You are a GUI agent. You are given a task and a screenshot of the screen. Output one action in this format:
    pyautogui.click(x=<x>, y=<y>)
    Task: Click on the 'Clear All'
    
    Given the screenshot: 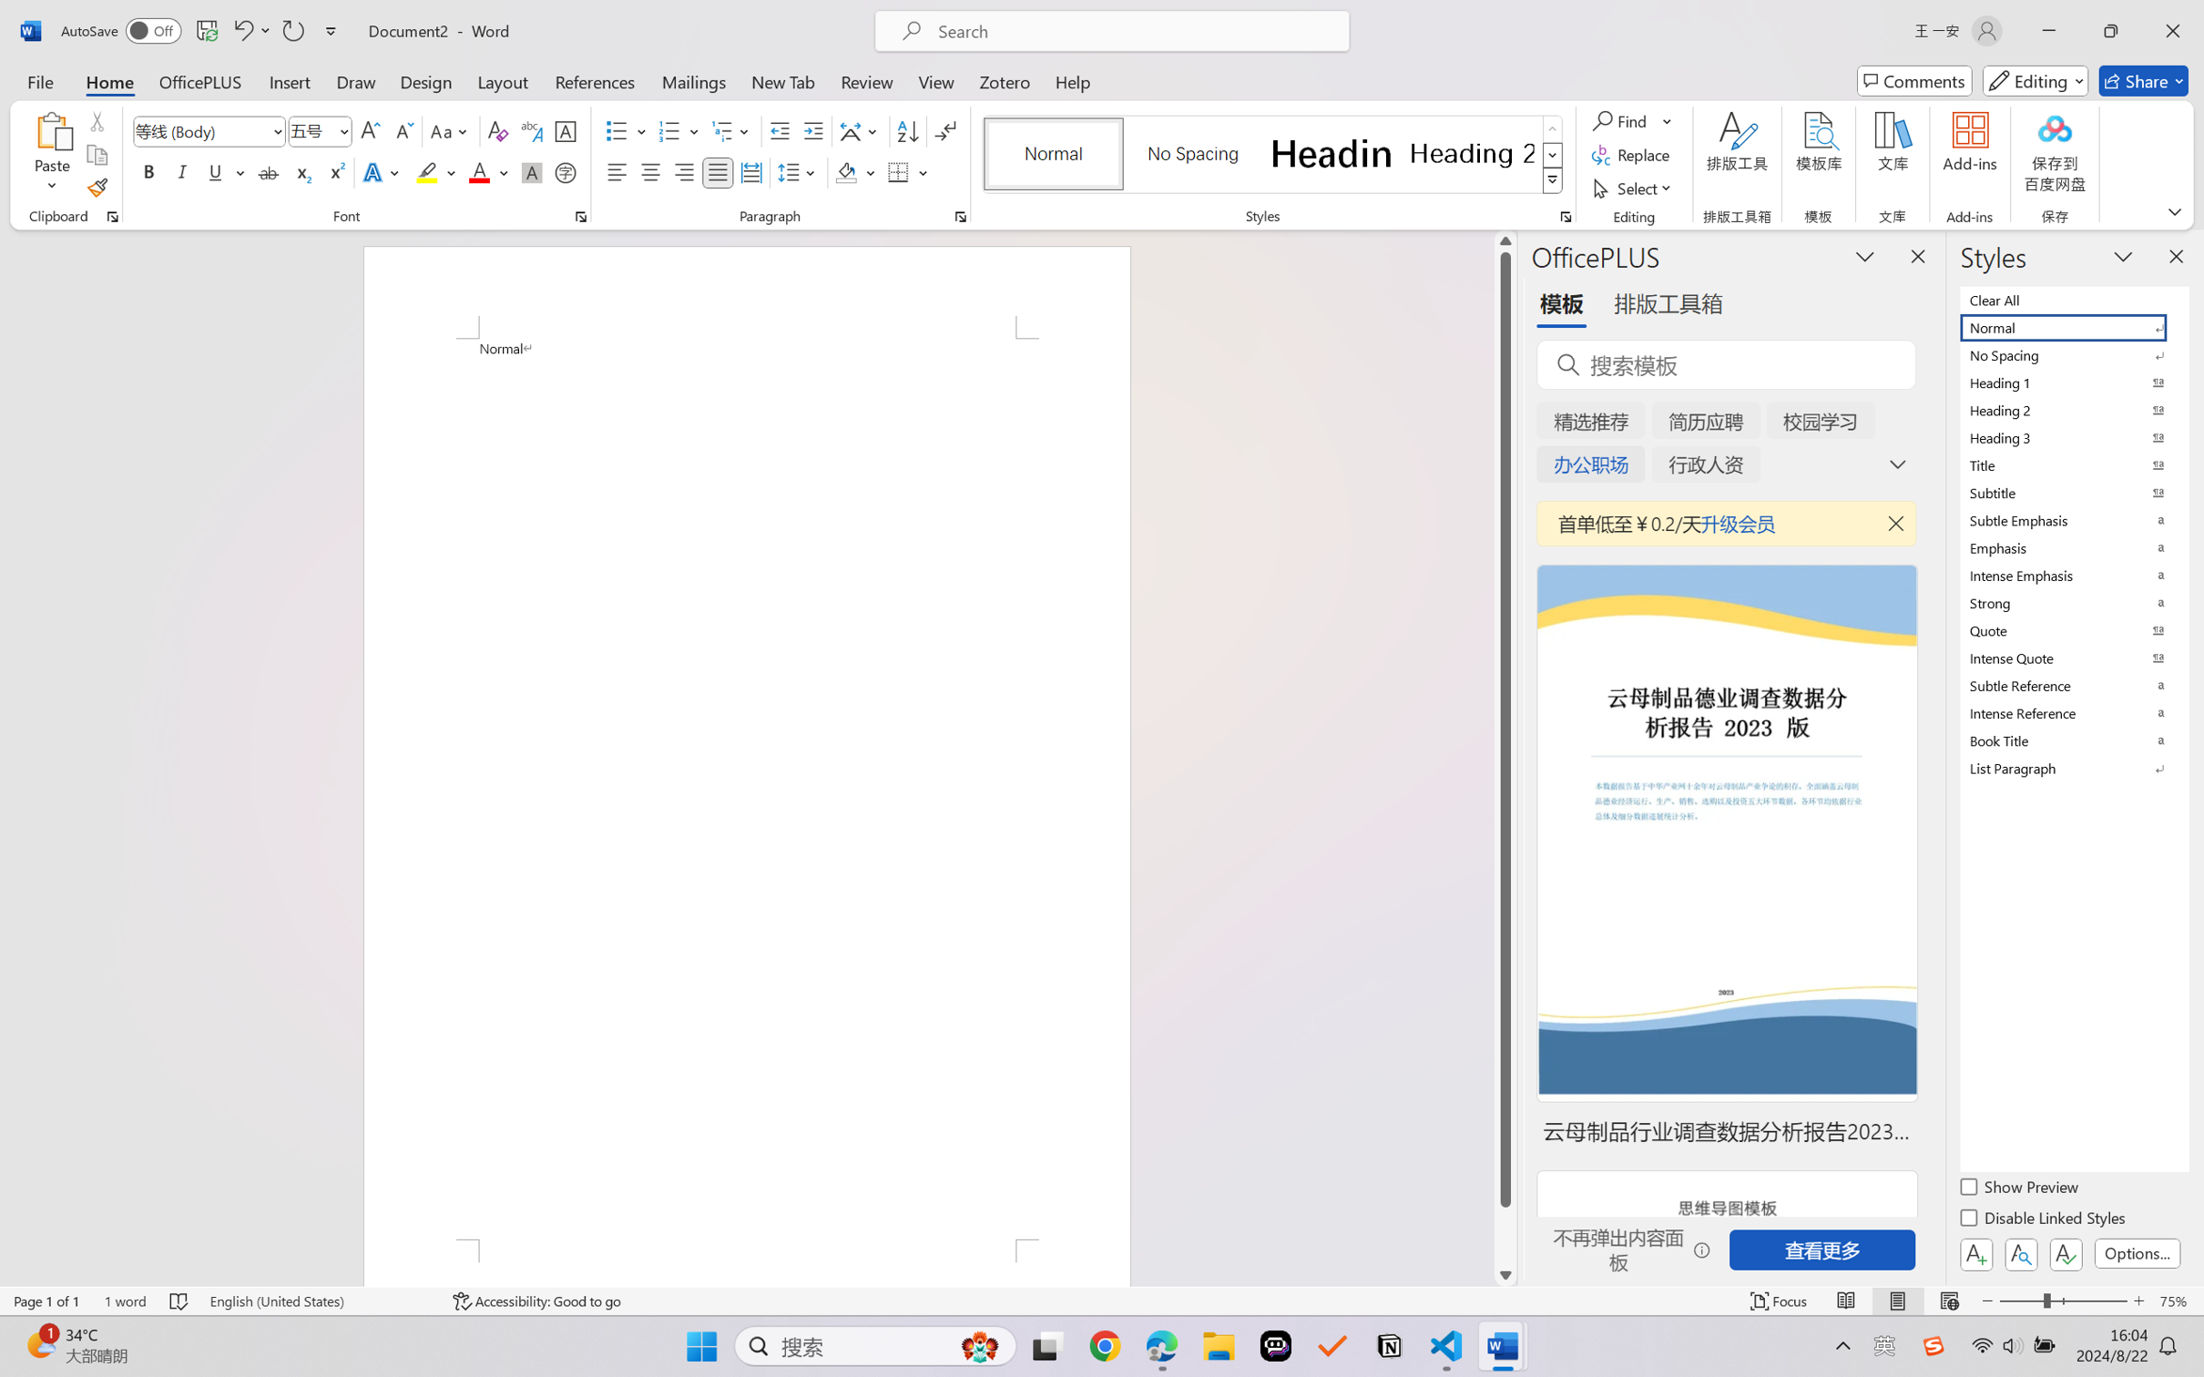 What is the action you would take?
    pyautogui.click(x=2072, y=299)
    